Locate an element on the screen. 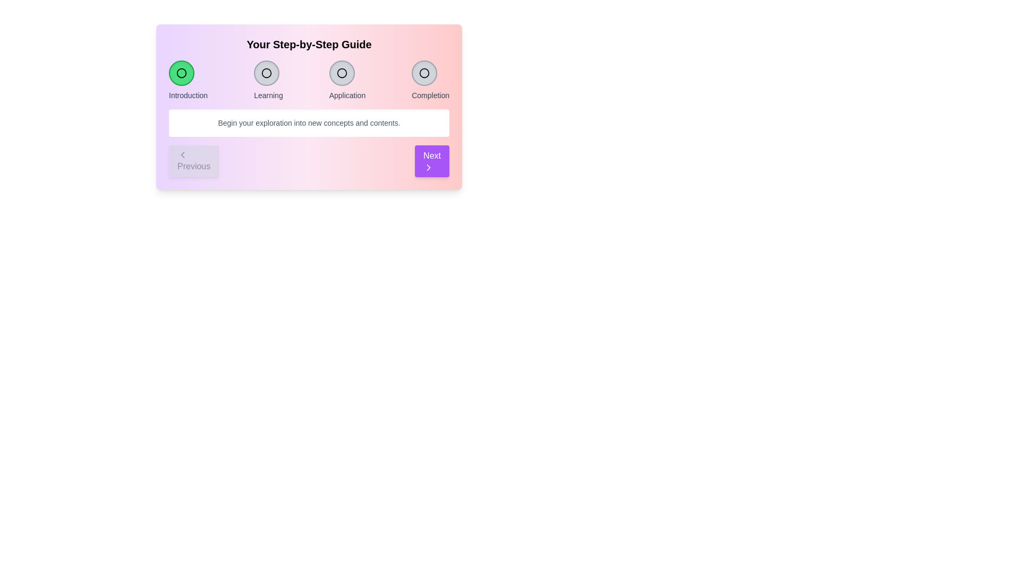 This screenshot has width=1020, height=573. the text label displaying 'Learning', which is styled in gray and positioned beneath an icon in the second step of a progress guide is located at coordinates (268, 95).